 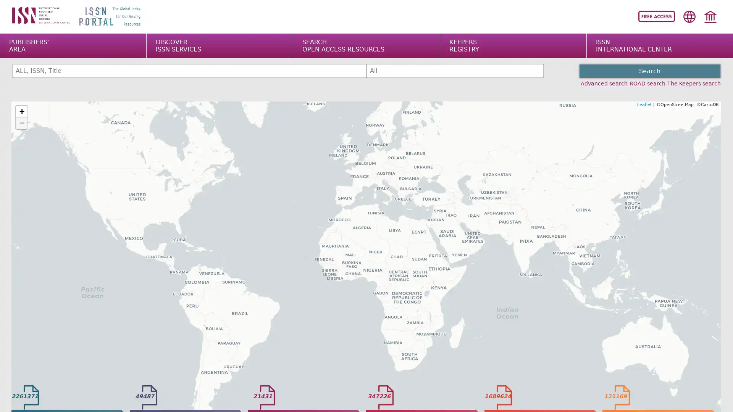 I want to click on Zoom out, so click(x=22, y=123).